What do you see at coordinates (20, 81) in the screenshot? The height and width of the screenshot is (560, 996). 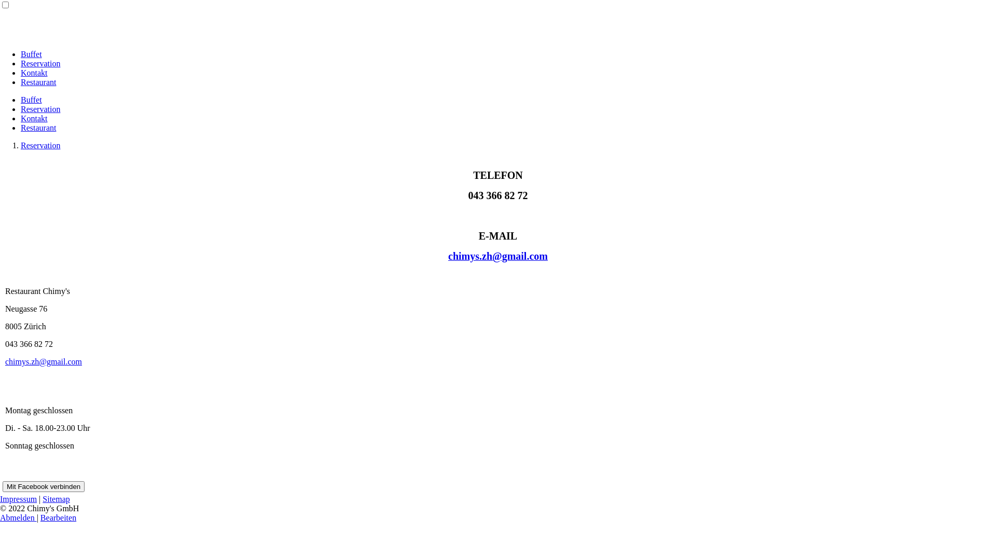 I see `'Restaurant'` at bounding box center [20, 81].